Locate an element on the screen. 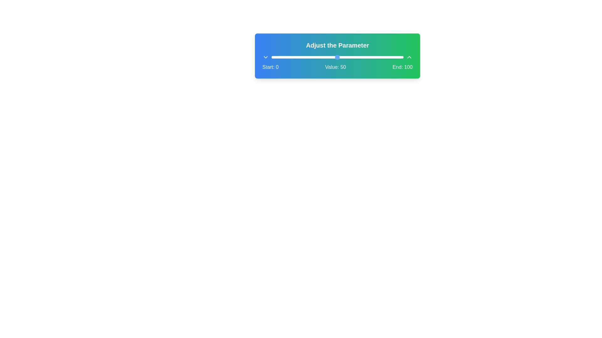 This screenshot has width=602, height=338. the slider is located at coordinates (276, 57).